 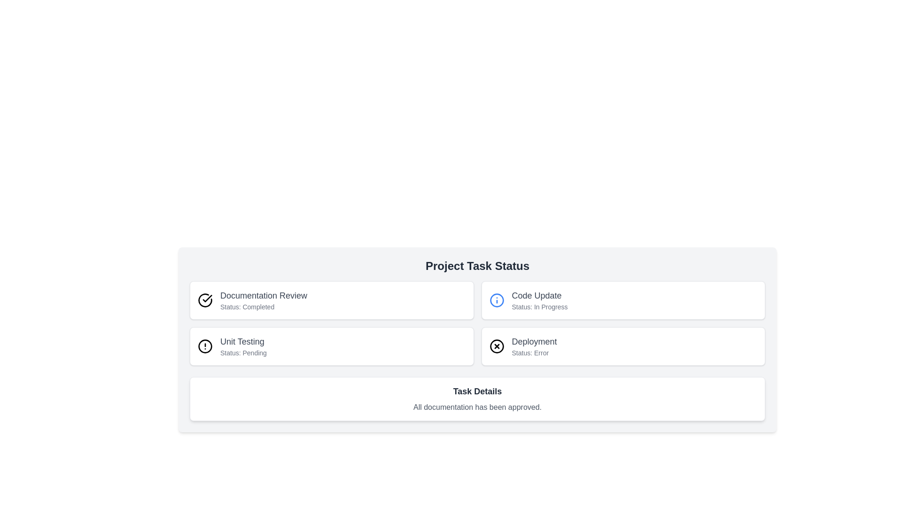 What do you see at coordinates (623, 300) in the screenshot?
I see `the Interactive information card displaying 'Code Update' with status 'In Progress'` at bounding box center [623, 300].